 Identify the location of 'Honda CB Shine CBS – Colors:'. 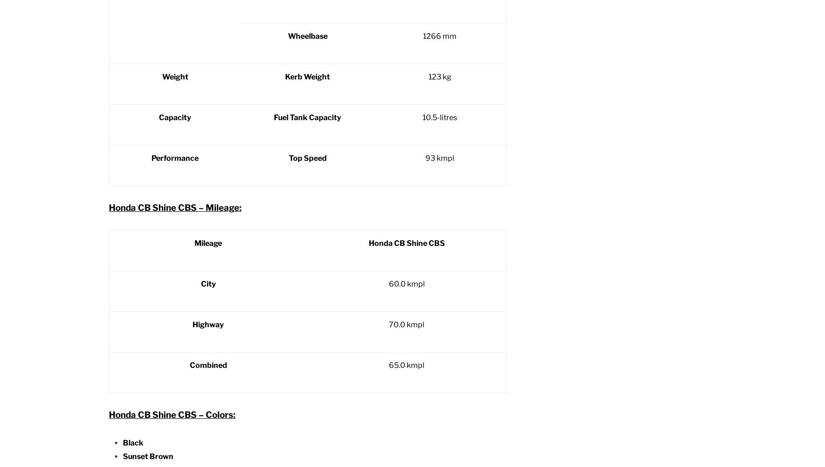
(171, 414).